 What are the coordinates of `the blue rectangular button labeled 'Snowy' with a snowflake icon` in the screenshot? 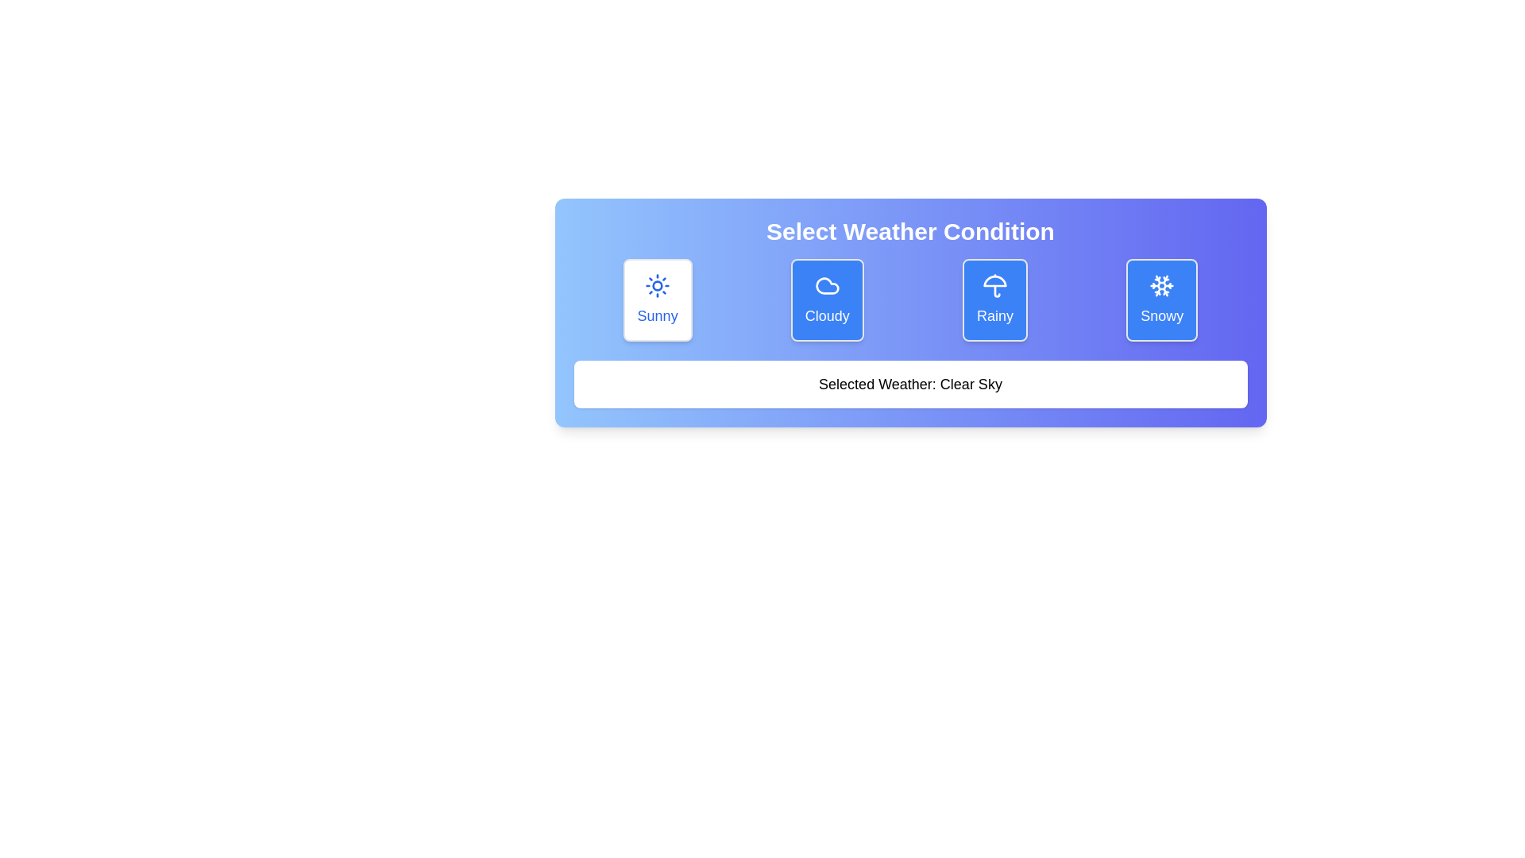 It's located at (1162, 300).